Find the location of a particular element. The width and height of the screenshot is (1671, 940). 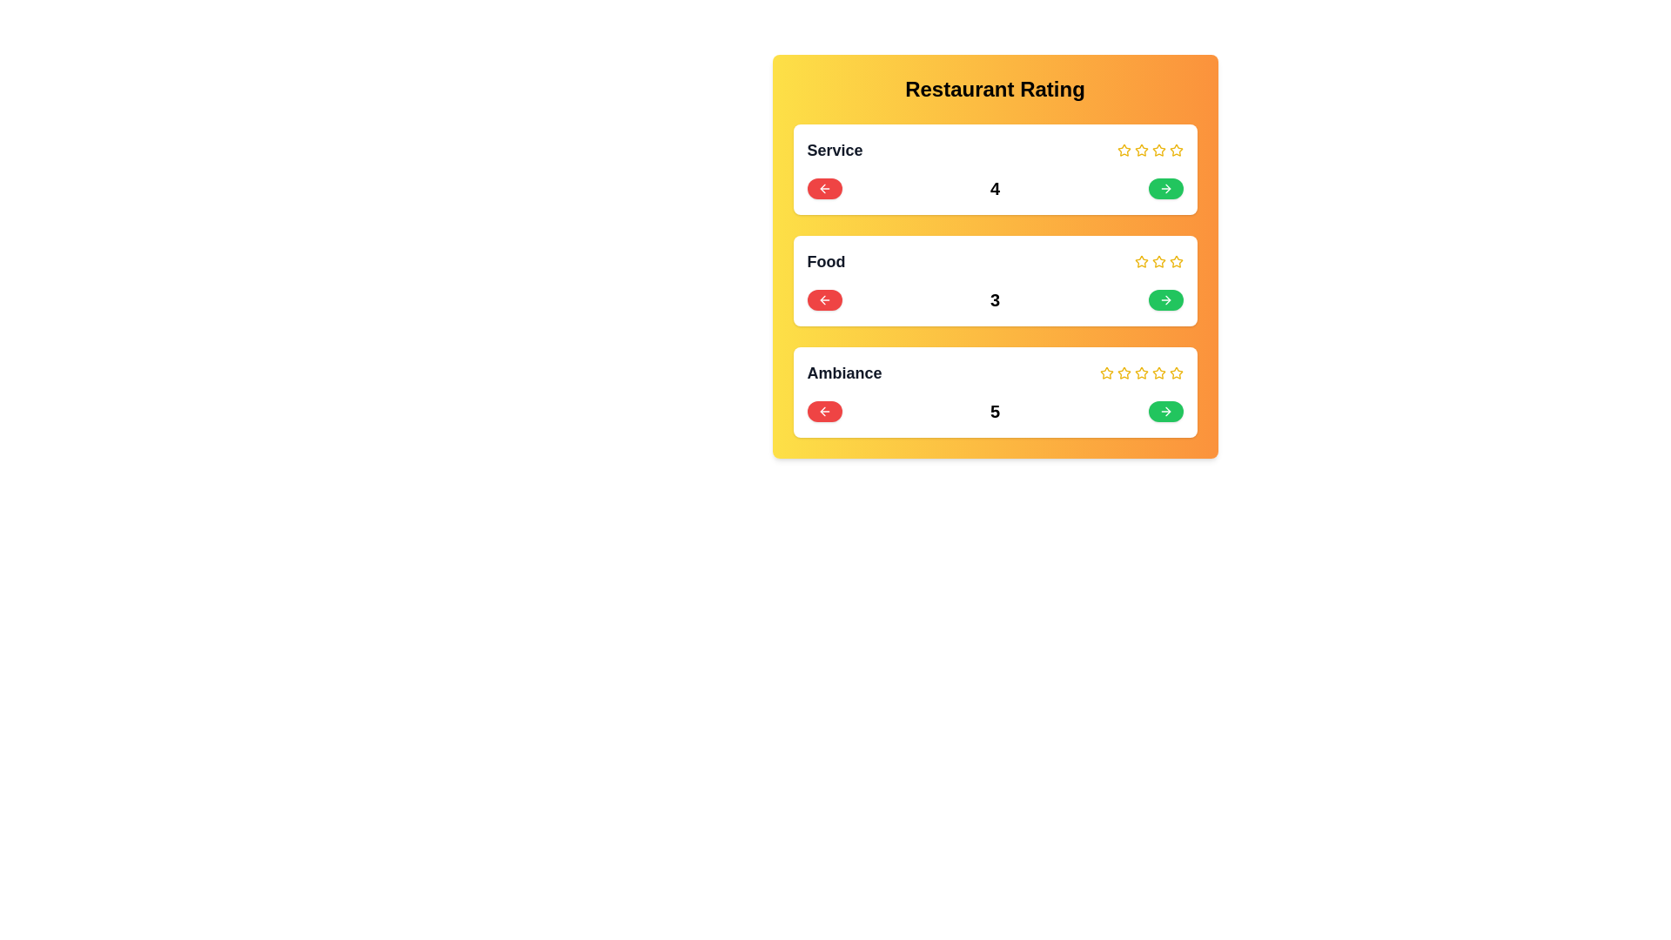

the green rounded button located at the far-right end of the third row labeled 'Ambiance' is located at coordinates (1165, 412).